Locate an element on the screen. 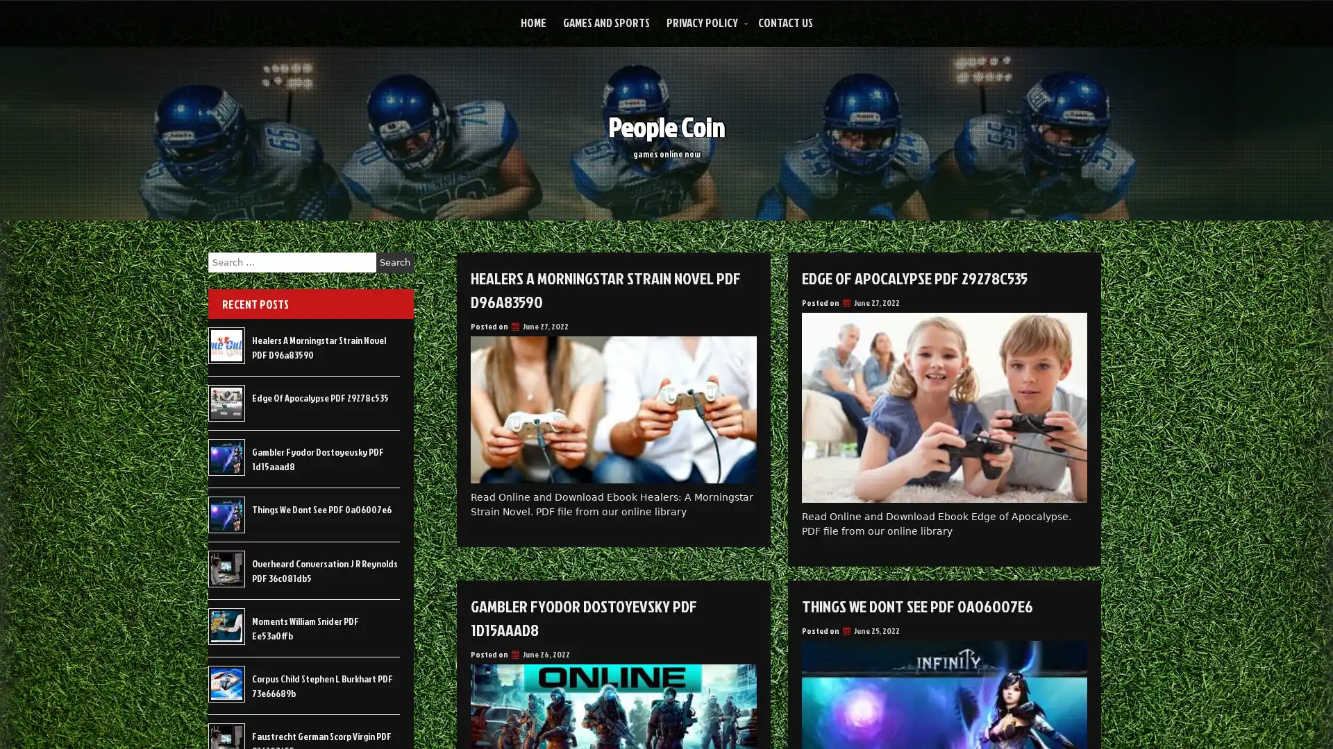 This screenshot has width=1333, height=749. Search is located at coordinates (394, 262).